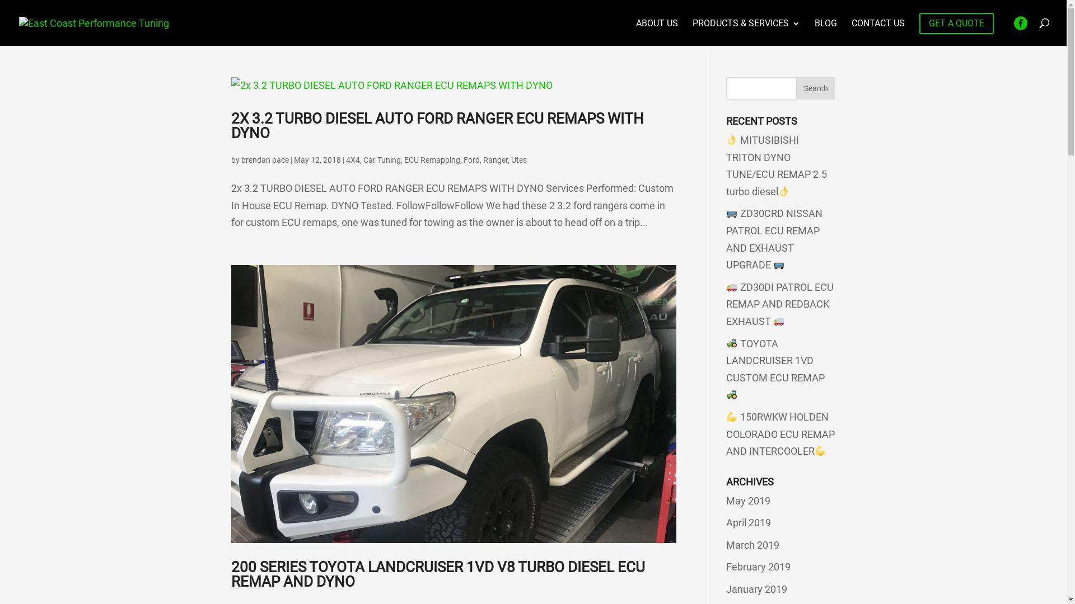 The width and height of the screenshot is (1075, 604). Describe the element at coordinates (877, 32) in the screenshot. I see `'CONTACT US'` at that location.